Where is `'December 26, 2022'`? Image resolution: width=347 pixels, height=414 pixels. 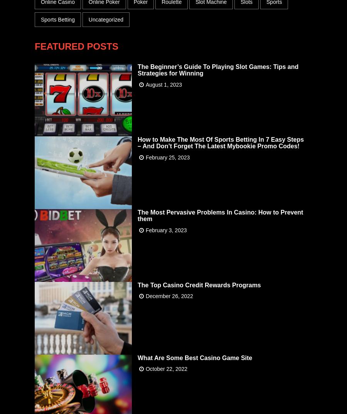 'December 26, 2022' is located at coordinates (169, 295).